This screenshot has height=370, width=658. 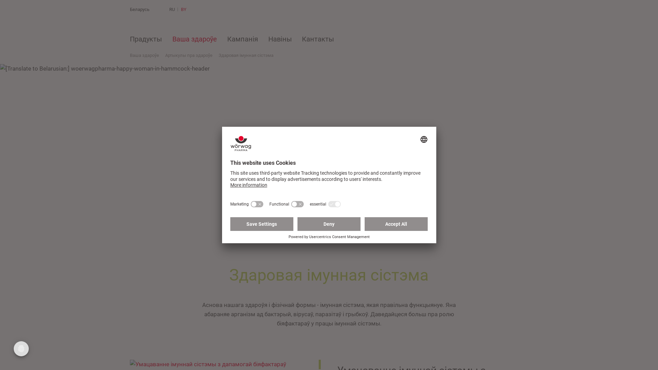 What do you see at coordinates (202, 9) in the screenshot?
I see `'Search'` at bounding box center [202, 9].